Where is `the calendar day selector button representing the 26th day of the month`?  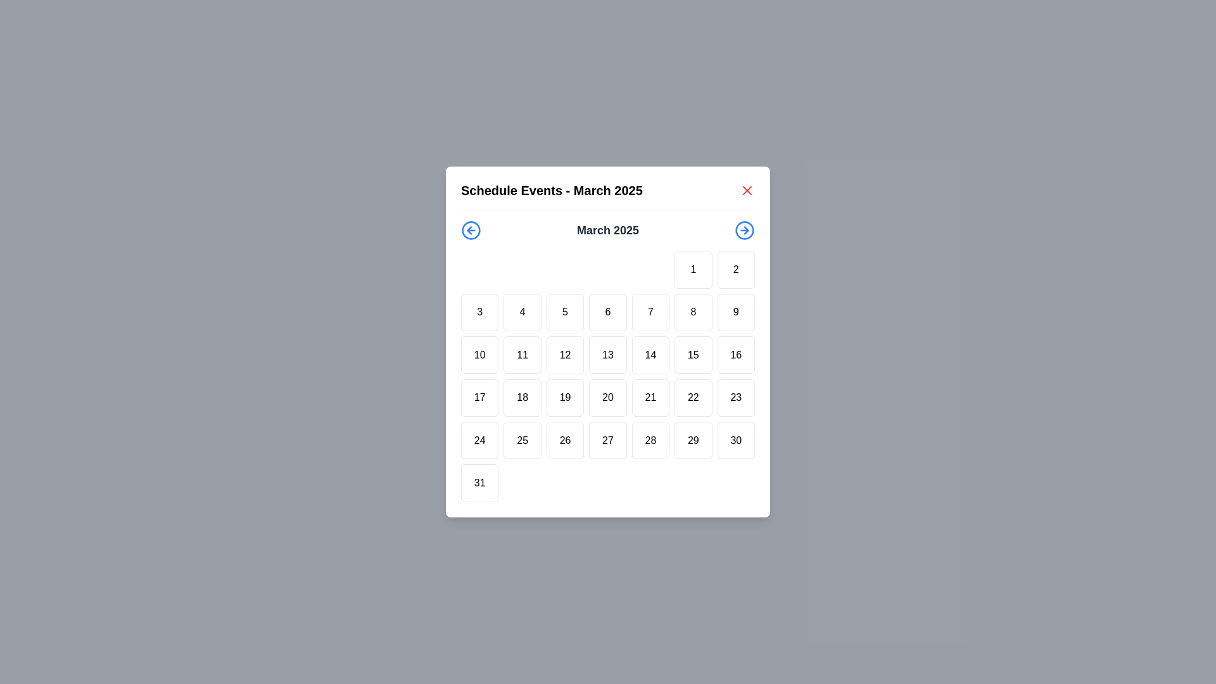
the calendar day selector button representing the 26th day of the month is located at coordinates (564, 440).